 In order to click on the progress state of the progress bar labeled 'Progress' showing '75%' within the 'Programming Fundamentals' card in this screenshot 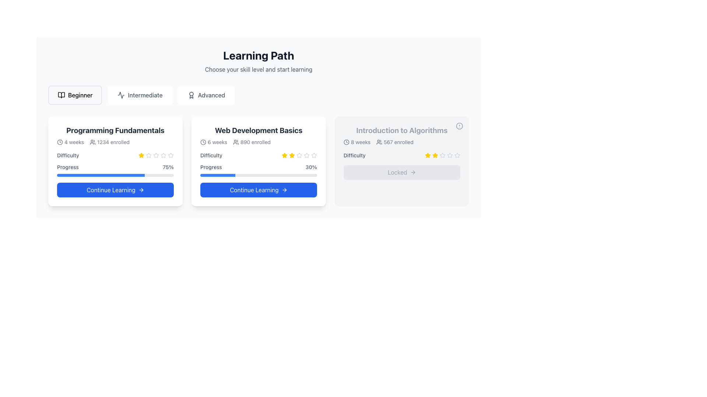, I will do `click(115, 169)`.